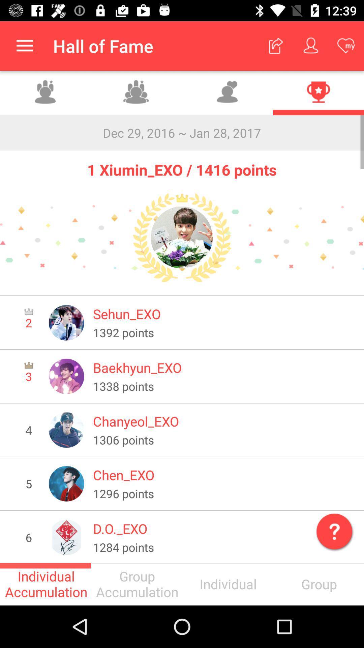 This screenshot has width=364, height=648. Describe the element at coordinates (318, 92) in the screenshot. I see `item above dec 29 2016 item` at that location.